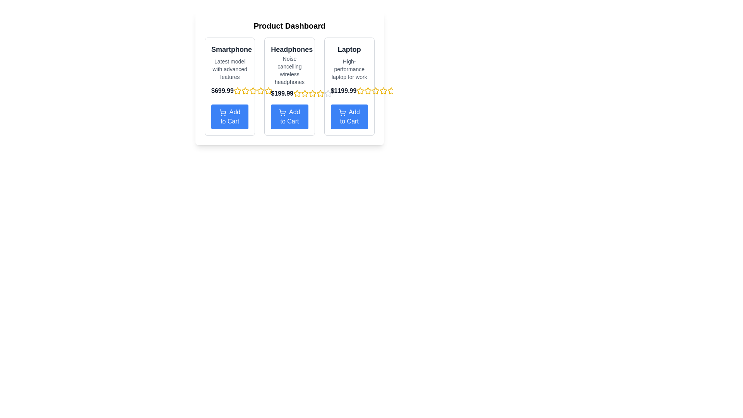  Describe the element at coordinates (343, 91) in the screenshot. I see `the price label displaying '$1199.99', which is formatted in bold dark gray and located in the third column of the product listing above the stars` at that location.